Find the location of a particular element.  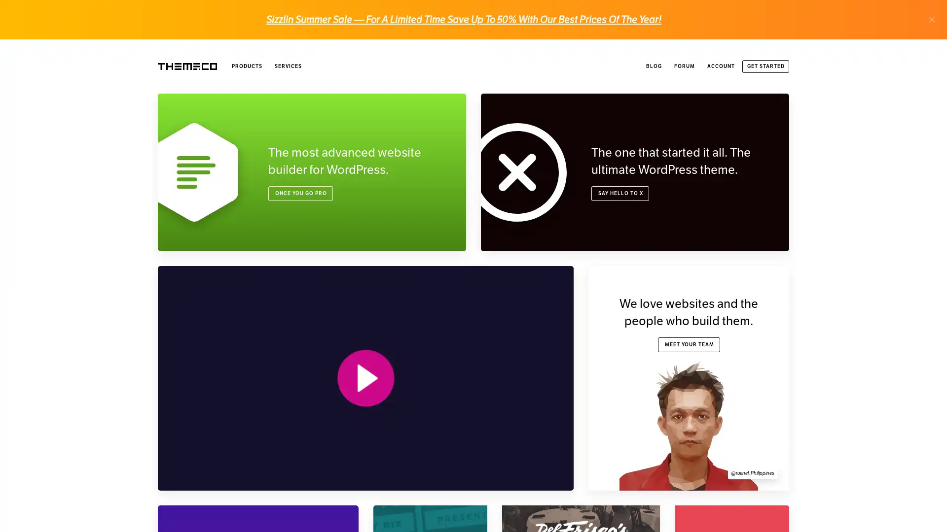

. is located at coordinates (932, 19).